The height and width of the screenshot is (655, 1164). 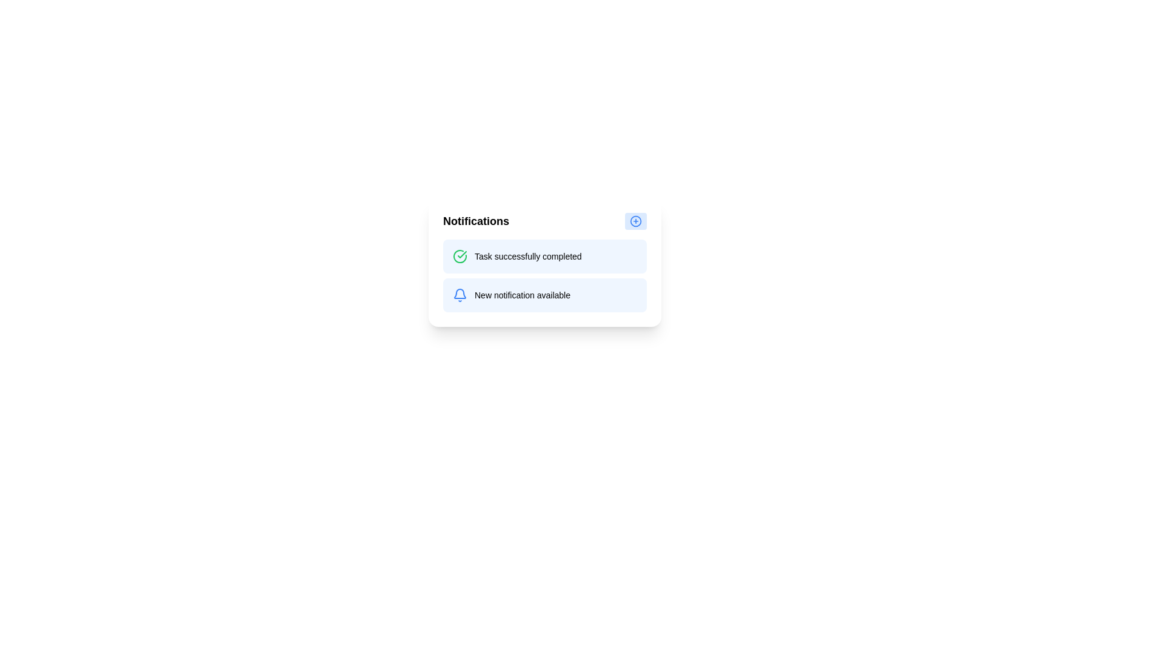 I want to click on the blue-colored icon button located in the top-right corner of the notifications interface, so click(x=635, y=221).